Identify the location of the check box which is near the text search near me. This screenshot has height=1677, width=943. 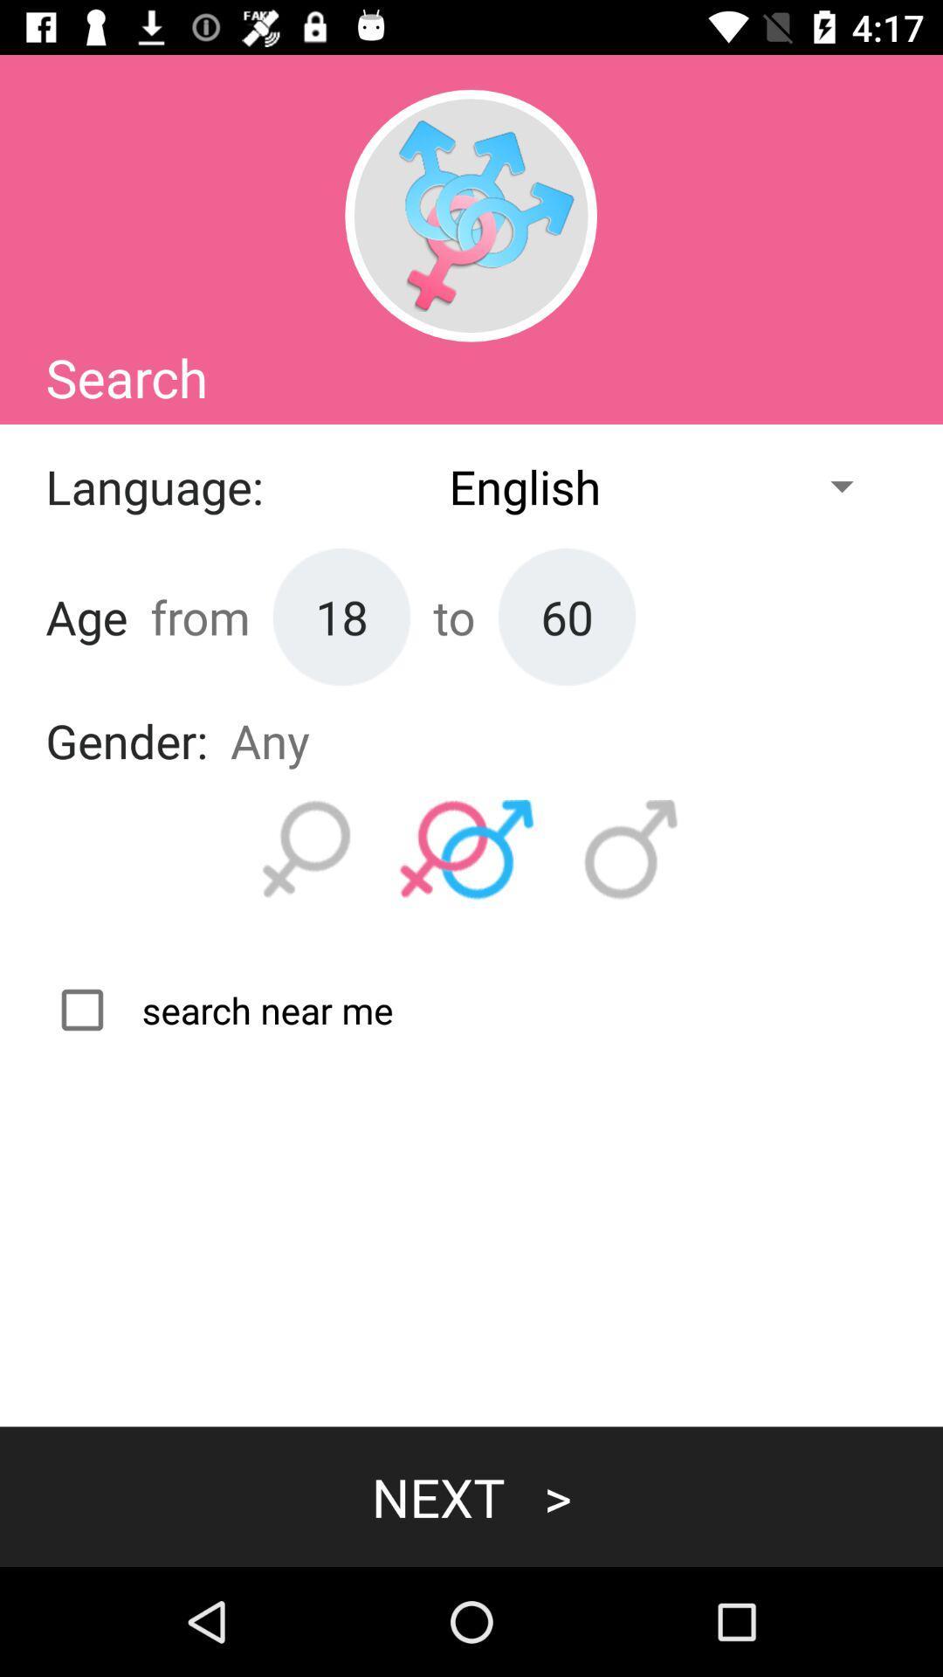
(218, 1010).